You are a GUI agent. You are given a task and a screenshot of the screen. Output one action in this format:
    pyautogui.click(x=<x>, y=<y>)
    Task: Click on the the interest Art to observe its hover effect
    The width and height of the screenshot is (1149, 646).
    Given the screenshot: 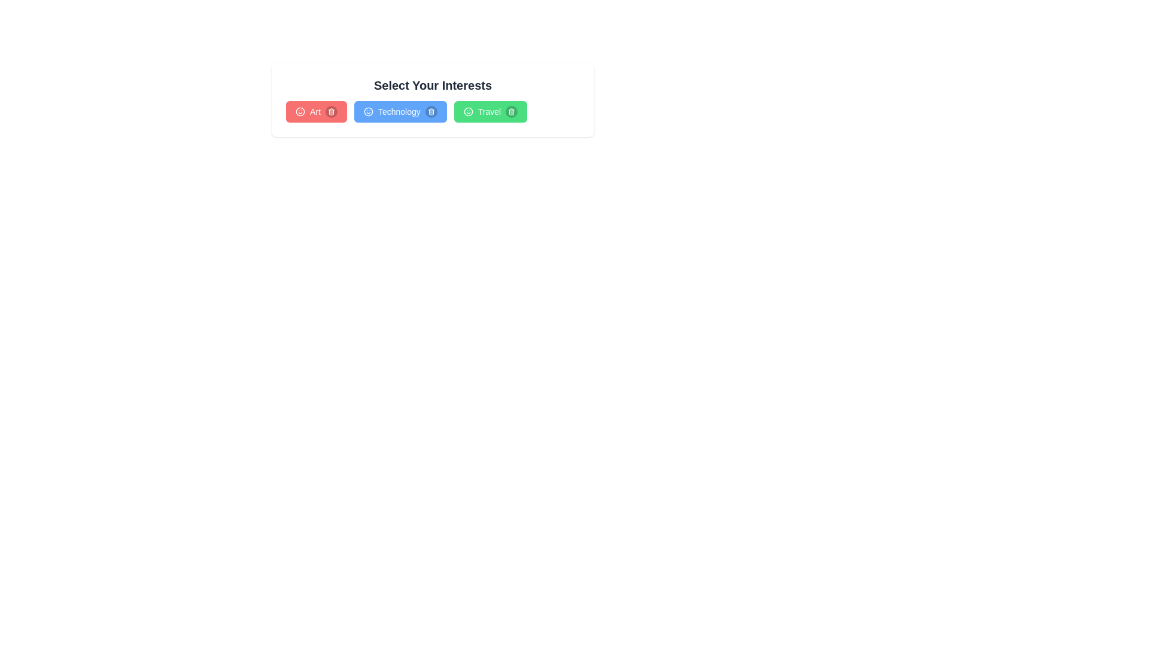 What is the action you would take?
    pyautogui.click(x=316, y=111)
    